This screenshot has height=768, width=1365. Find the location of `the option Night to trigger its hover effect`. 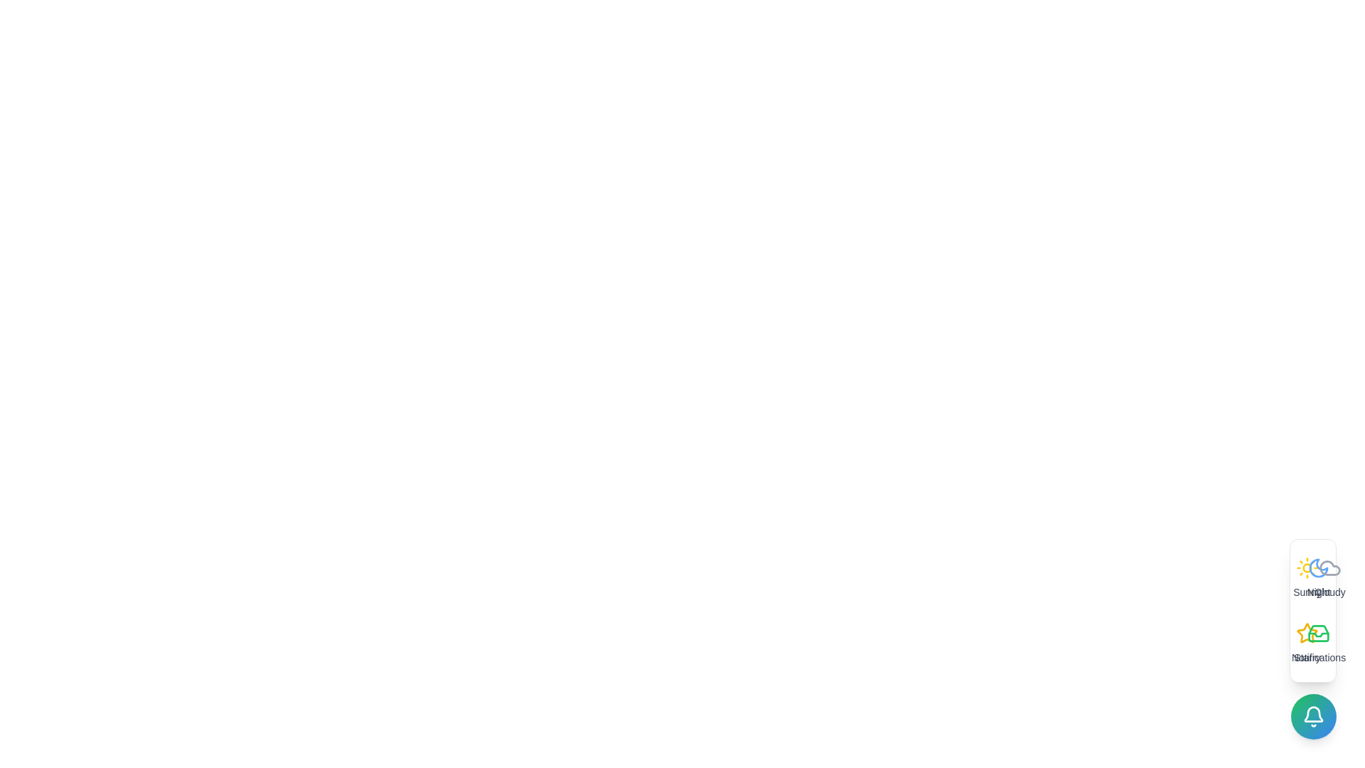

the option Night to trigger its hover effect is located at coordinates (1317, 578).